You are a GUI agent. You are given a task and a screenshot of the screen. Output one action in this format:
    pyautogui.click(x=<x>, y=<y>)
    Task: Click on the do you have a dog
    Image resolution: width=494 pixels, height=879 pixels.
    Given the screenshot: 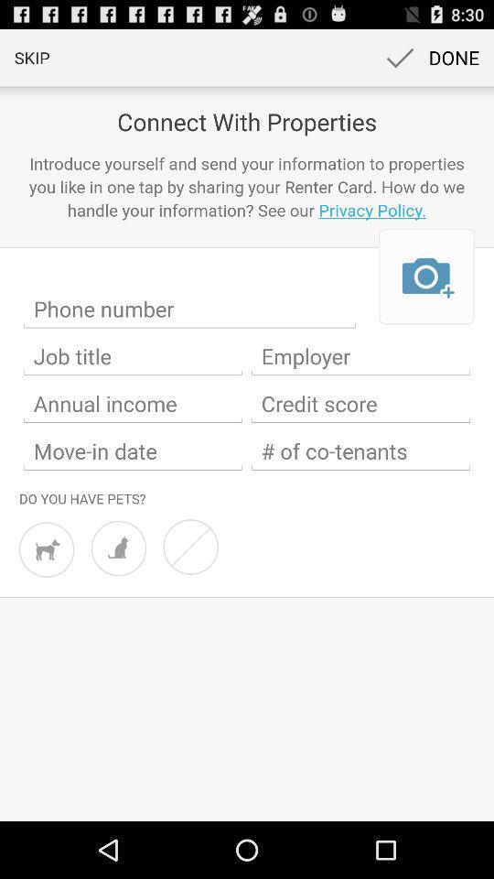 What is the action you would take?
    pyautogui.click(x=47, y=549)
    